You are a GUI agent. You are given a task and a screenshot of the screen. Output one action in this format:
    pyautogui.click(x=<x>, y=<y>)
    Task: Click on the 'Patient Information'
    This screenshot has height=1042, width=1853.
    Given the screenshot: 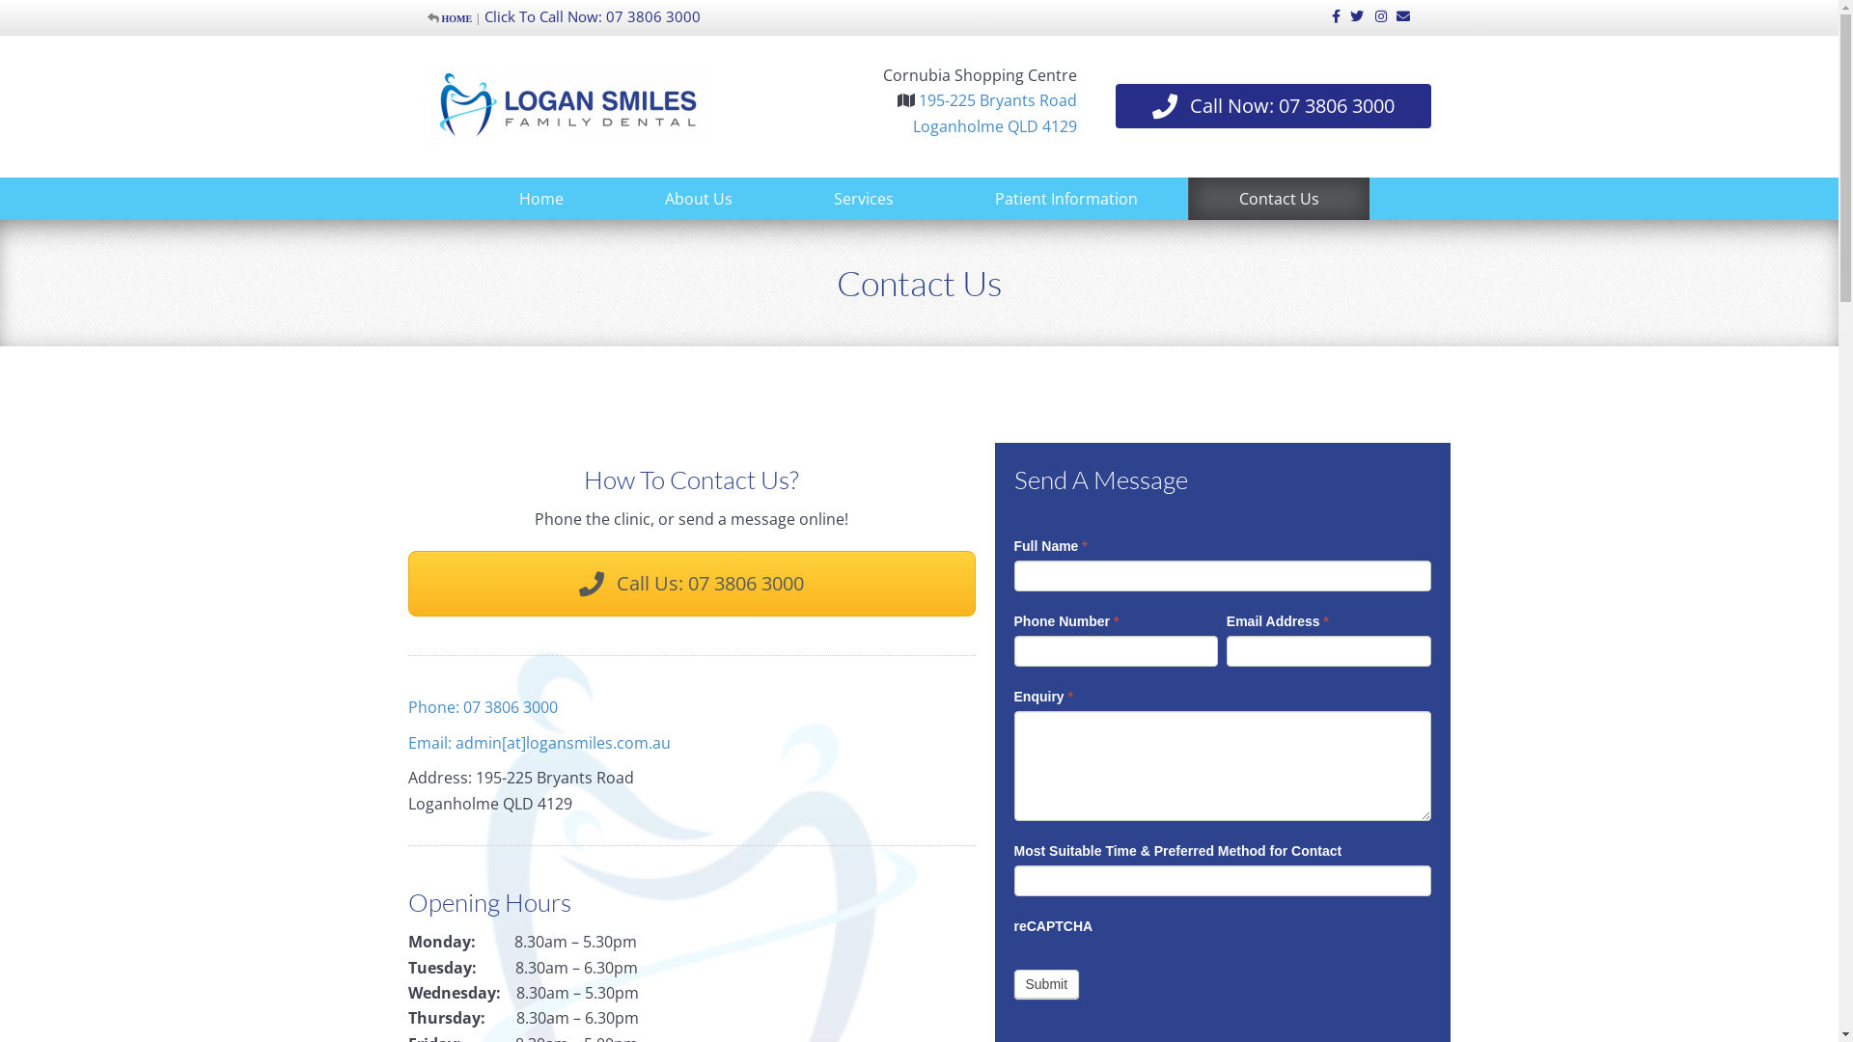 What is the action you would take?
    pyautogui.click(x=982, y=198)
    